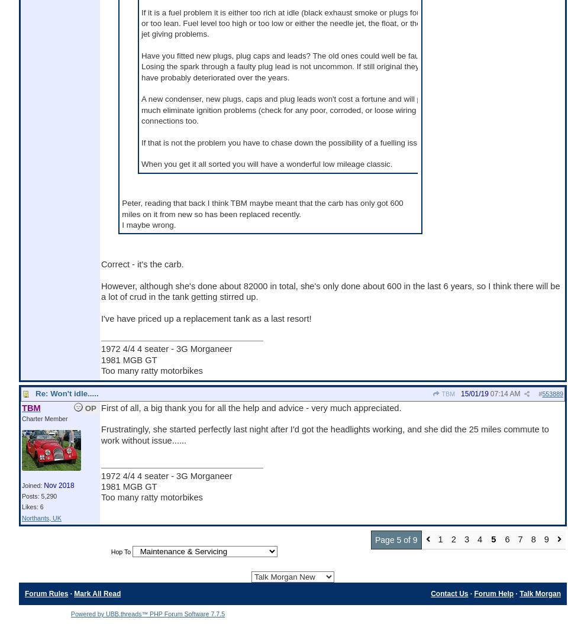 This screenshot has width=568, height=624. Describe the element at coordinates (73, 592) in the screenshot. I see `'Mark All Read'` at that location.